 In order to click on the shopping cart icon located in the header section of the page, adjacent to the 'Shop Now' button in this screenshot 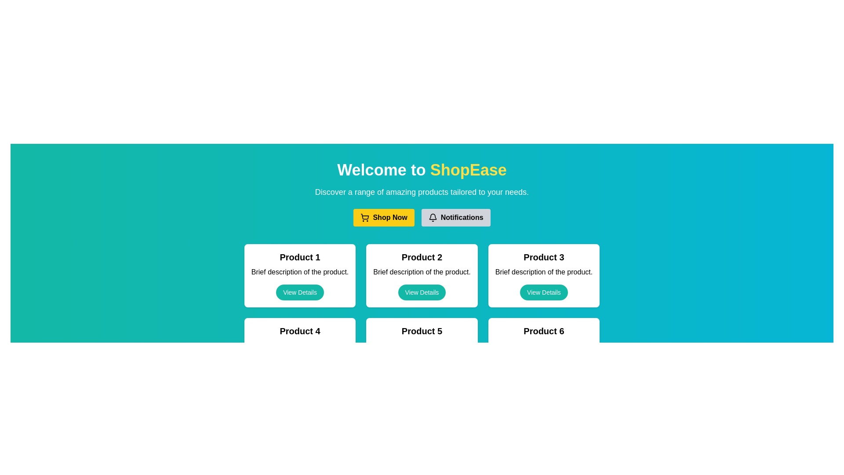, I will do `click(365, 216)`.